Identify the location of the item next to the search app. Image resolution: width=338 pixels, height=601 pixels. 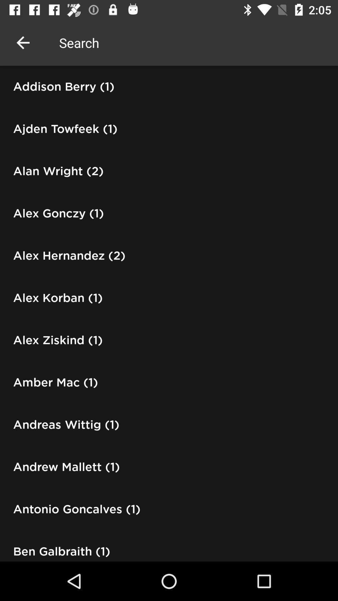
(23, 42).